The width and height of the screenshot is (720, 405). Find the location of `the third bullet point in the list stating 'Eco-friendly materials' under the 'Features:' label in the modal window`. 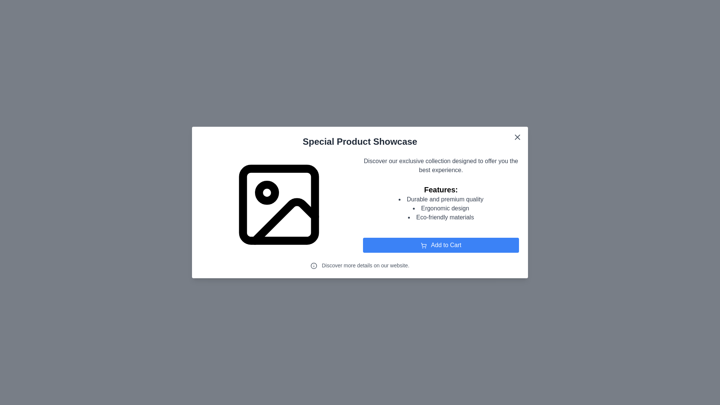

the third bullet point in the list stating 'Eco-friendly materials' under the 'Features:' label in the modal window is located at coordinates (441, 217).